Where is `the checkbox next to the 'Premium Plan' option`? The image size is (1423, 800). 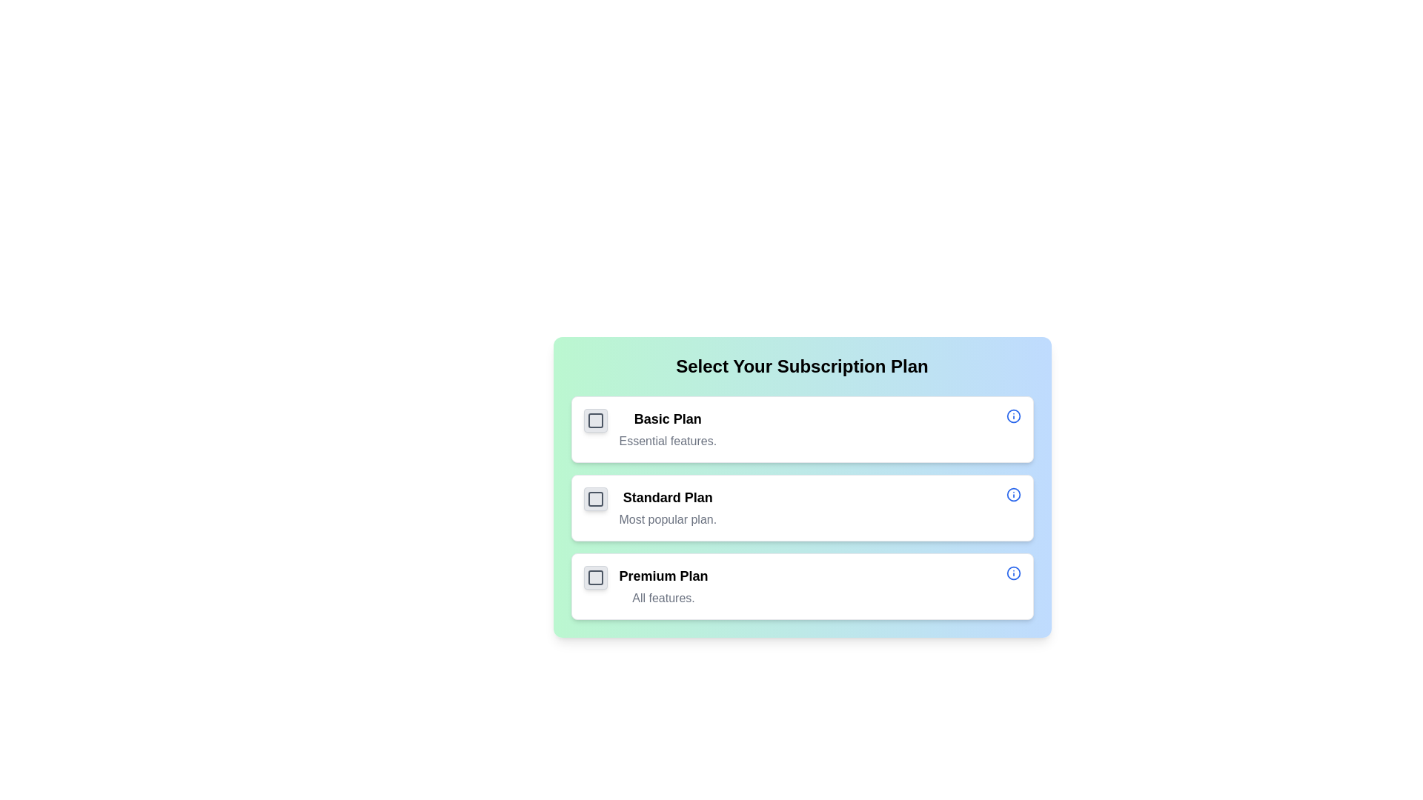 the checkbox next to the 'Premium Plan' option is located at coordinates (595, 576).